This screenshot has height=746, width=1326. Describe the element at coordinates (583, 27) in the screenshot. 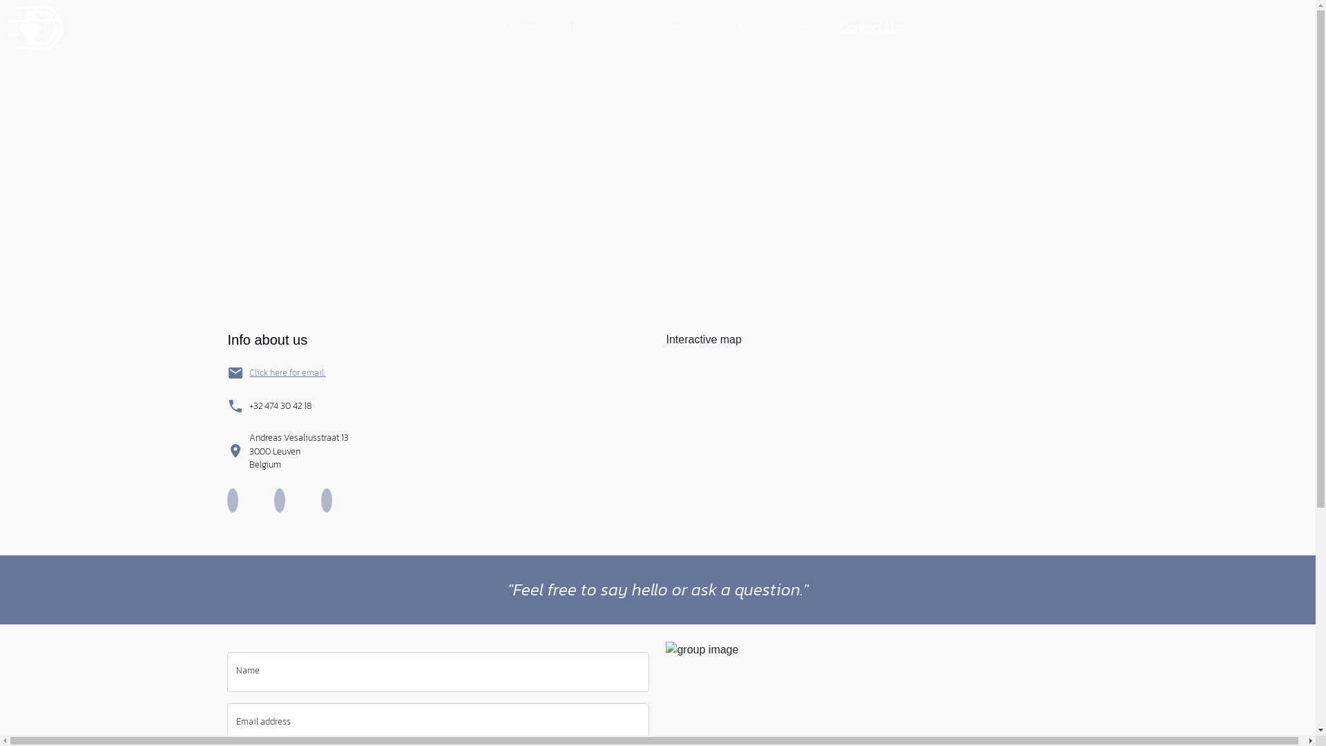

I see `'Our Plan'` at that location.